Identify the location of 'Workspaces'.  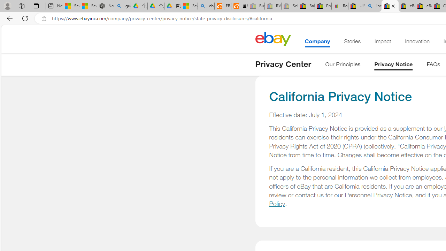
(21, 6).